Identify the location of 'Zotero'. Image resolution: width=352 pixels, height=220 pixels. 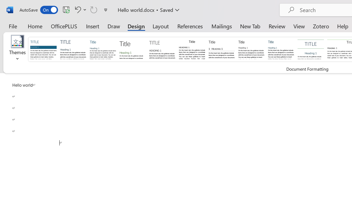
(321, 26).